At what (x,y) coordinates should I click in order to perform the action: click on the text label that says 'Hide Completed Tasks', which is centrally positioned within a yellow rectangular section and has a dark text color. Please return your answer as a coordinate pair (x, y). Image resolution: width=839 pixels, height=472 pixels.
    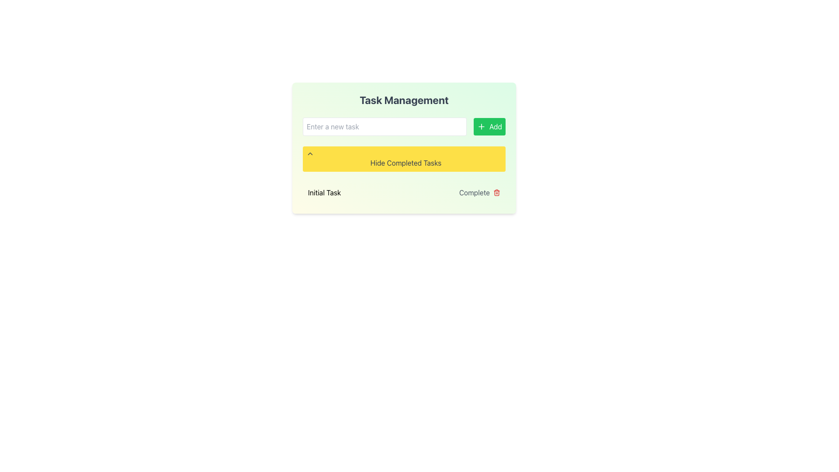
    Looking at the image, I should click on (405, 163).